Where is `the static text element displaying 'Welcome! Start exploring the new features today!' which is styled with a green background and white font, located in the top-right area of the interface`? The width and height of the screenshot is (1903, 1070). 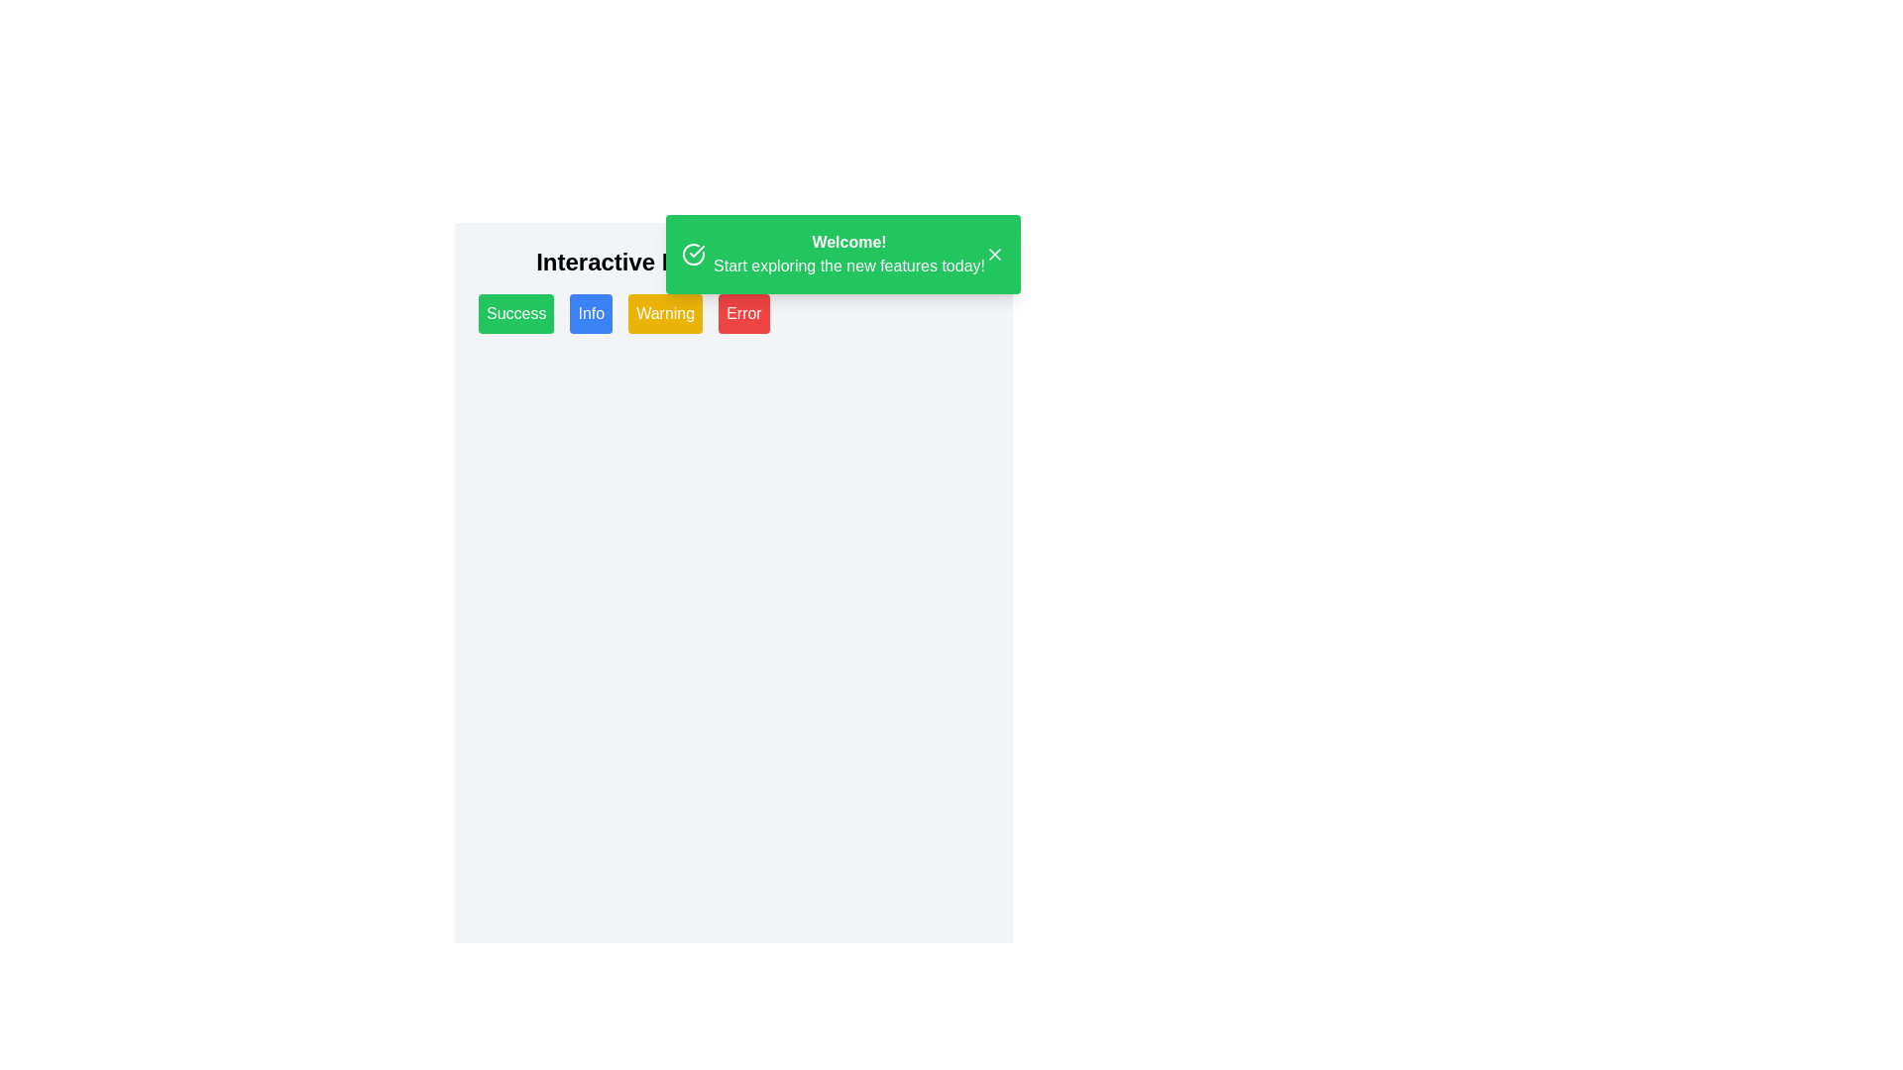
the static text element displaying 'Welcome! Start exploring the new features today!' which is styled with a green background and white font, located in the top-right area of the interface is located at coordinates (849, 254).